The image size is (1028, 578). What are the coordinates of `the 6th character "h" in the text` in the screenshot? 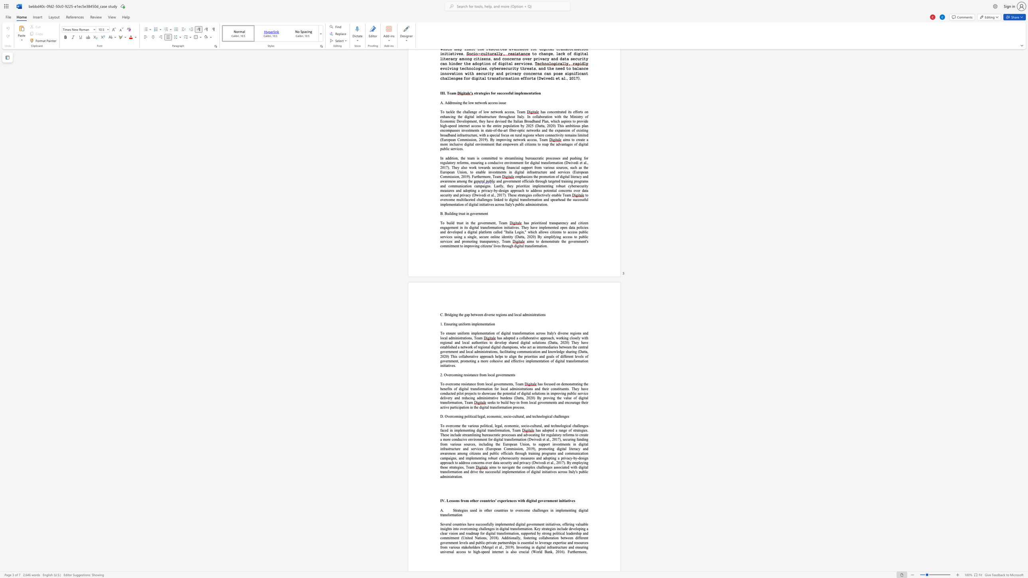 It's located at (574, 342).